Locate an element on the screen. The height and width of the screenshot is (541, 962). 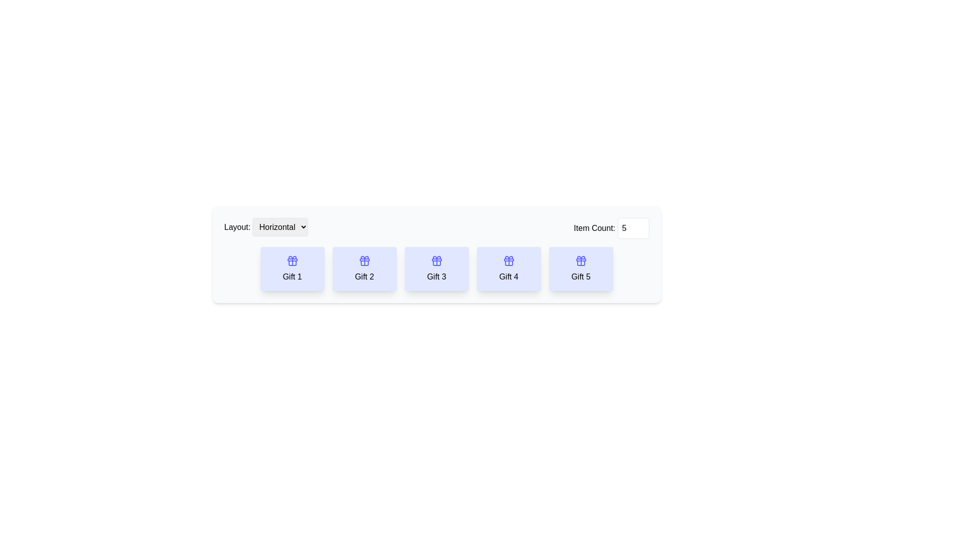
the indigo gift icon located in the second box labeled 'Gift 2', which is part of a horizontal sequence of five gift boxes is located at coordinates (364, 260).